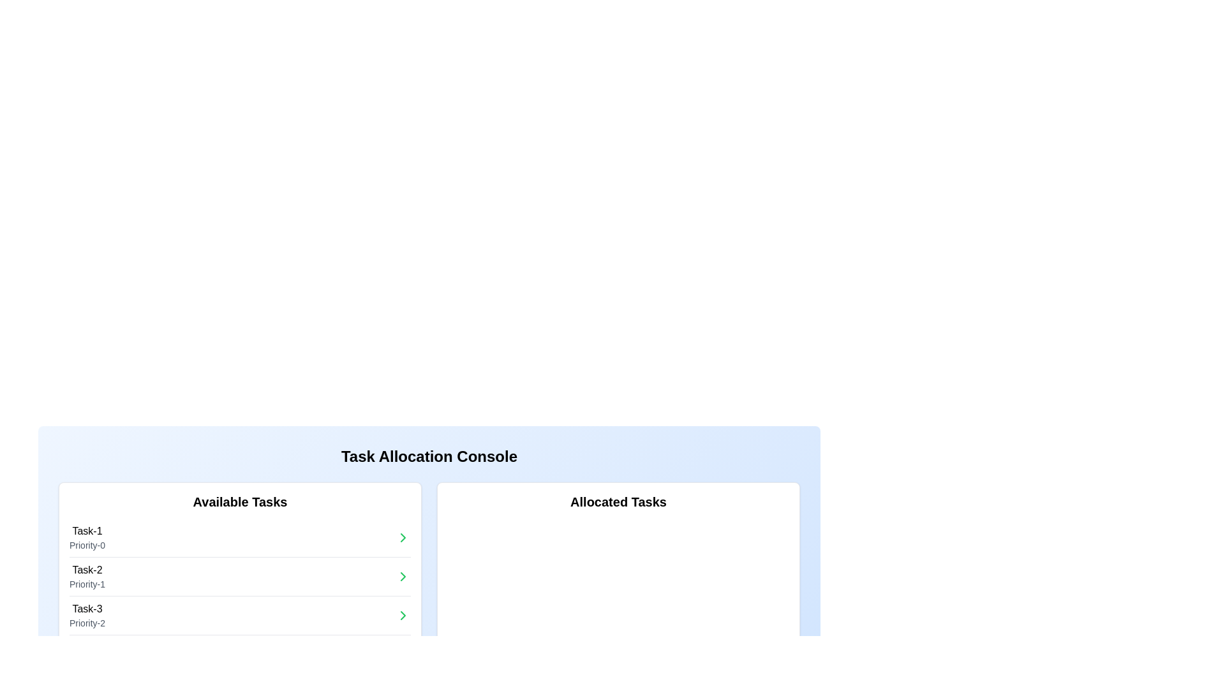  What do you see at coordinates (240, 576) in the screenshot?
I see `the list item representing 'Task-2' with priority level '1'` at bounding box center [240, 576].